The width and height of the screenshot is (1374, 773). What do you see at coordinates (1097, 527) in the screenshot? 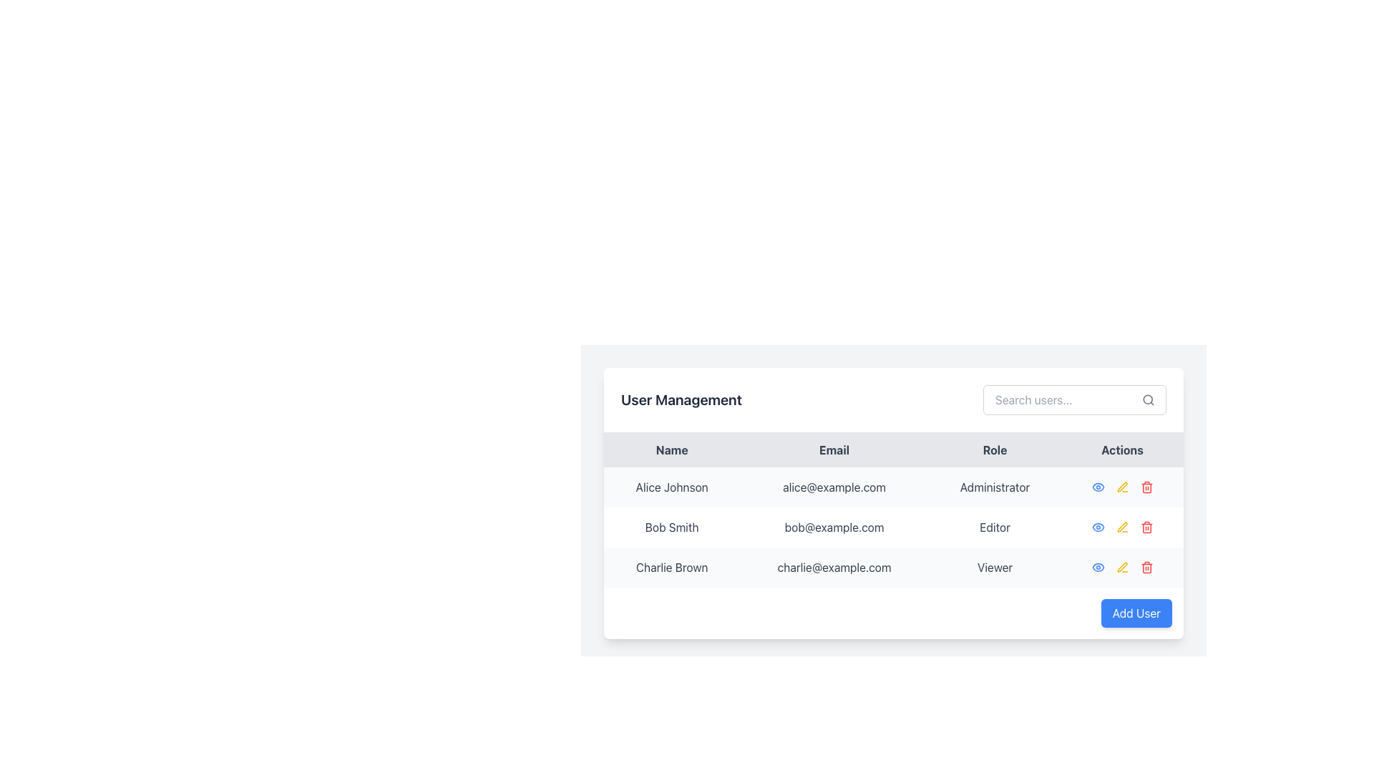
I see `the blue eye-shaped icon representing the 'view' action, which is the first among three action icons in the 'Actions' column of the second row, aligned with the 'bob@example.com' email entry` at bounding box center [1097, 527].